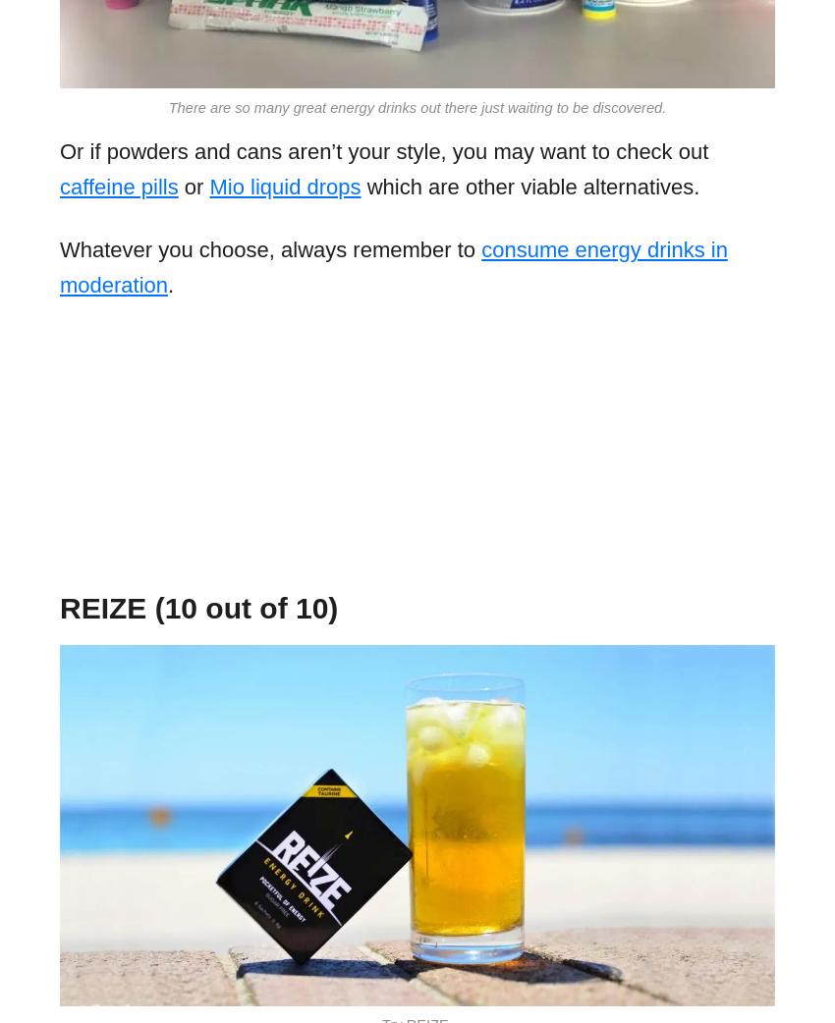 The width and height of the screenshot is (835, 1023). What do you see at coordinates (393, 266) in the screenshot?
I see `'consume energy drinks in moderation'` at bounding box center [393, 266].